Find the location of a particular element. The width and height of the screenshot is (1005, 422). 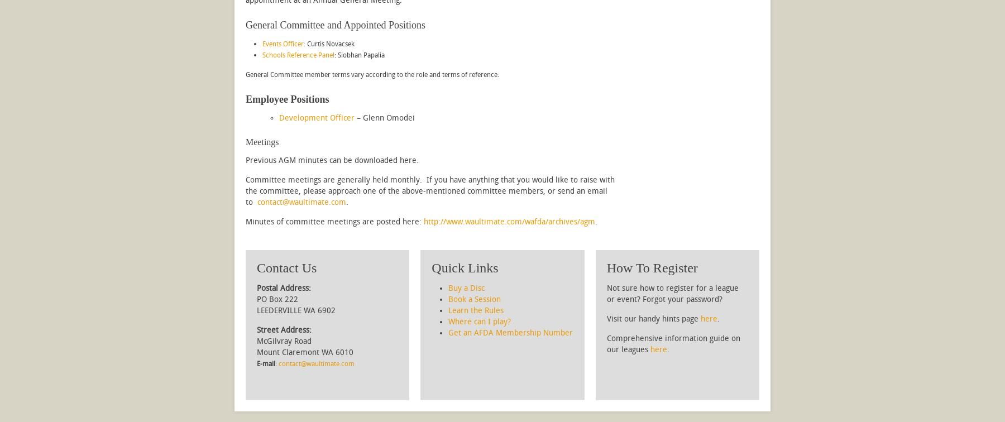

'Previous AGM minutes can be downloaded here.' is located at coordinates (332, 160).